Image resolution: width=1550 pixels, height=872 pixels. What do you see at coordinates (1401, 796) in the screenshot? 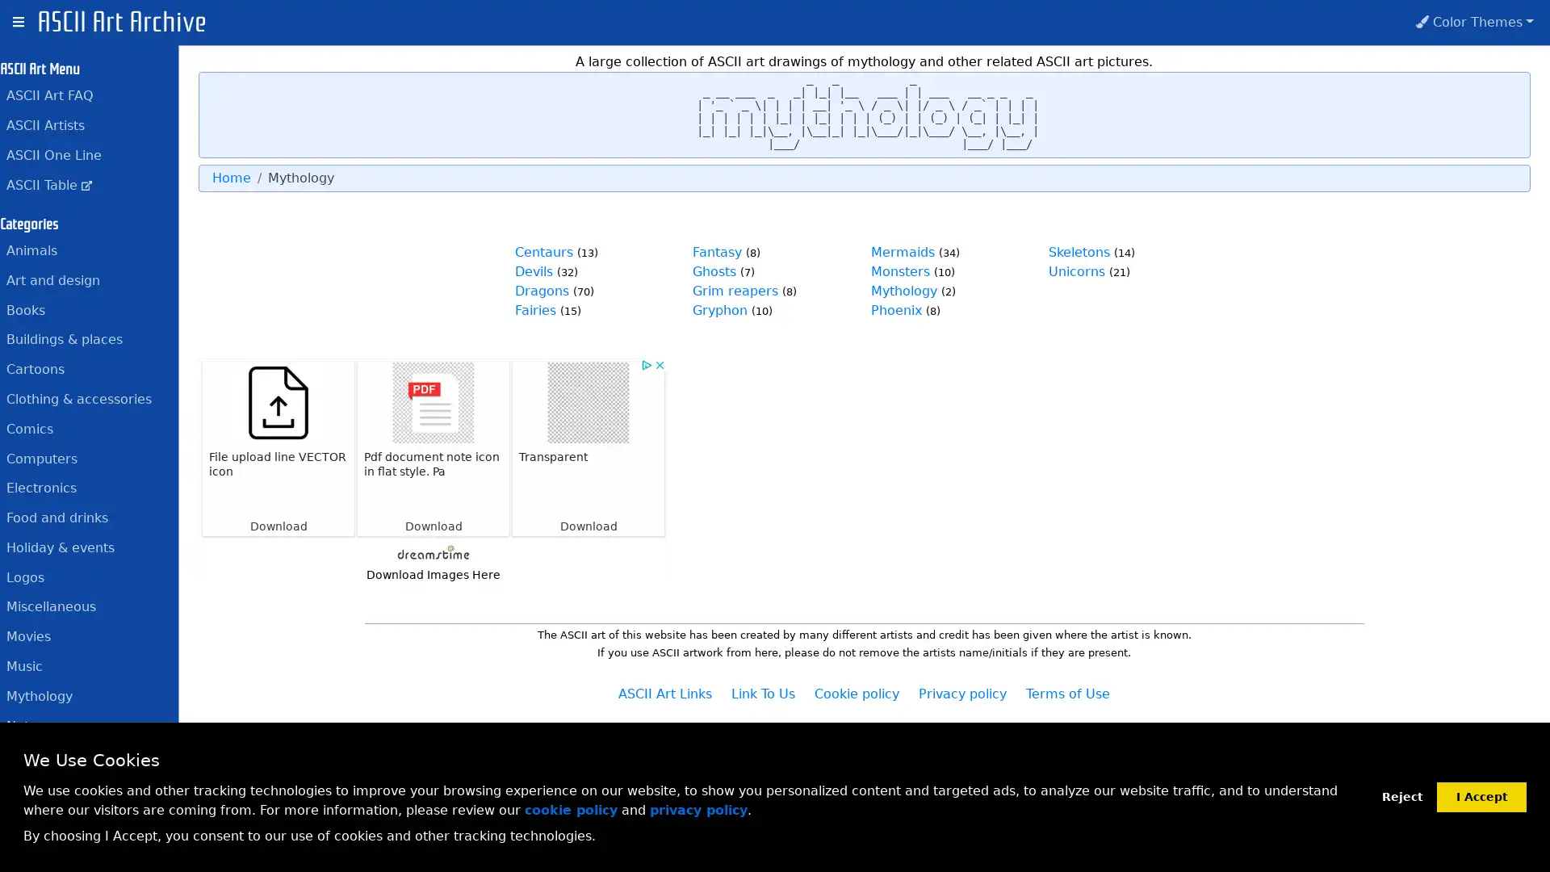
I see `Reject` at bounding box center [1401, 796].